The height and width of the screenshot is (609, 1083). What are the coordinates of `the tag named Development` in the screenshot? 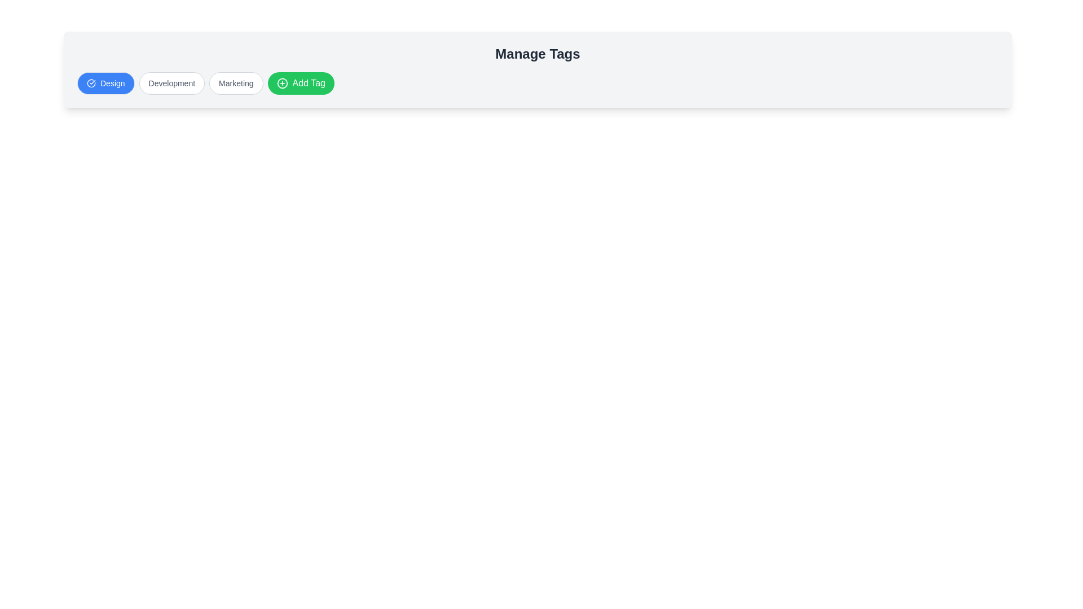 It's located at (171, 82).